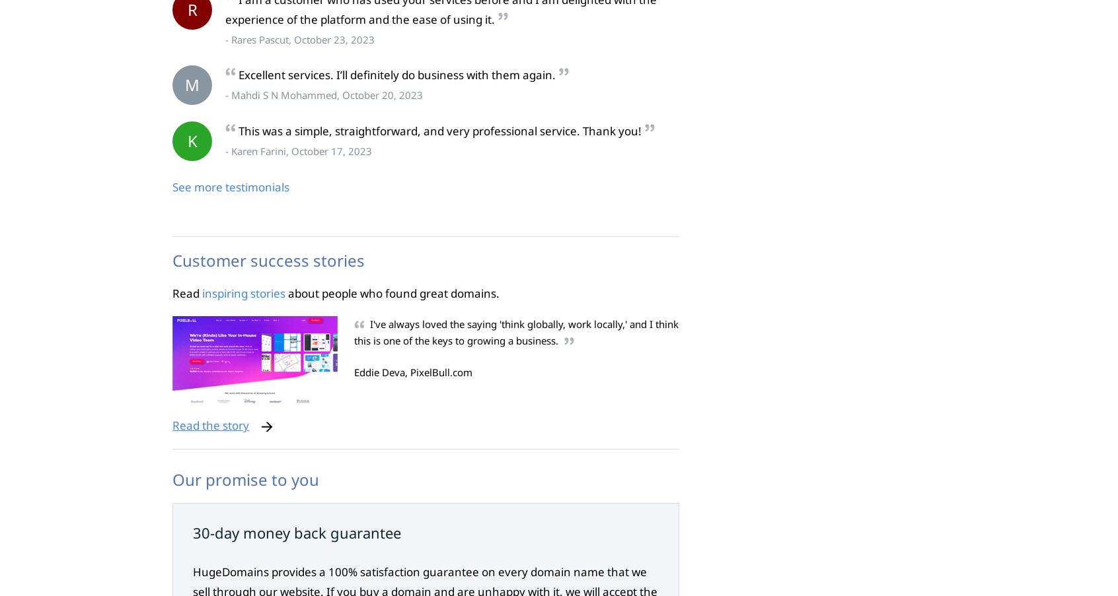  I want to click on 'about people who found great domains.', so click(392, 292).